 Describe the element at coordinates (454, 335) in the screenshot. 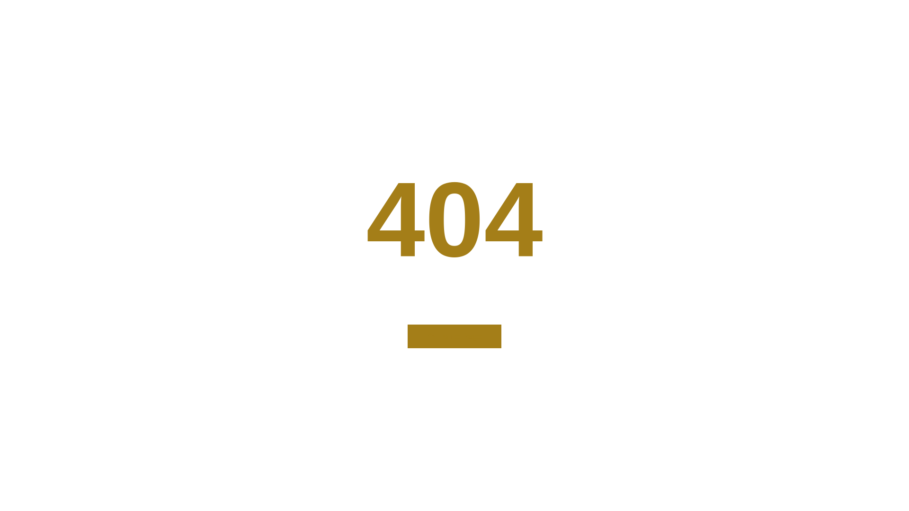

I see `'Home Page'` at that location.